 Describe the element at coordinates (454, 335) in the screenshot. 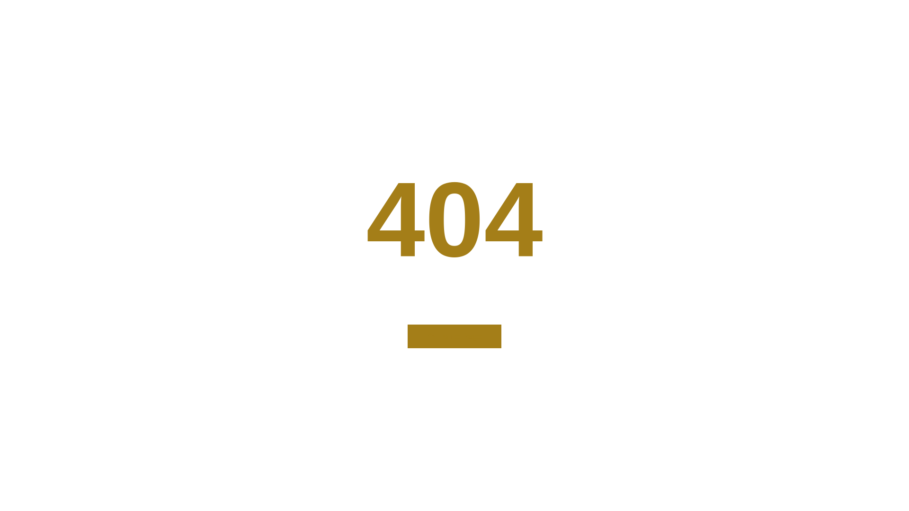

I see `'Home Page'` at that location.